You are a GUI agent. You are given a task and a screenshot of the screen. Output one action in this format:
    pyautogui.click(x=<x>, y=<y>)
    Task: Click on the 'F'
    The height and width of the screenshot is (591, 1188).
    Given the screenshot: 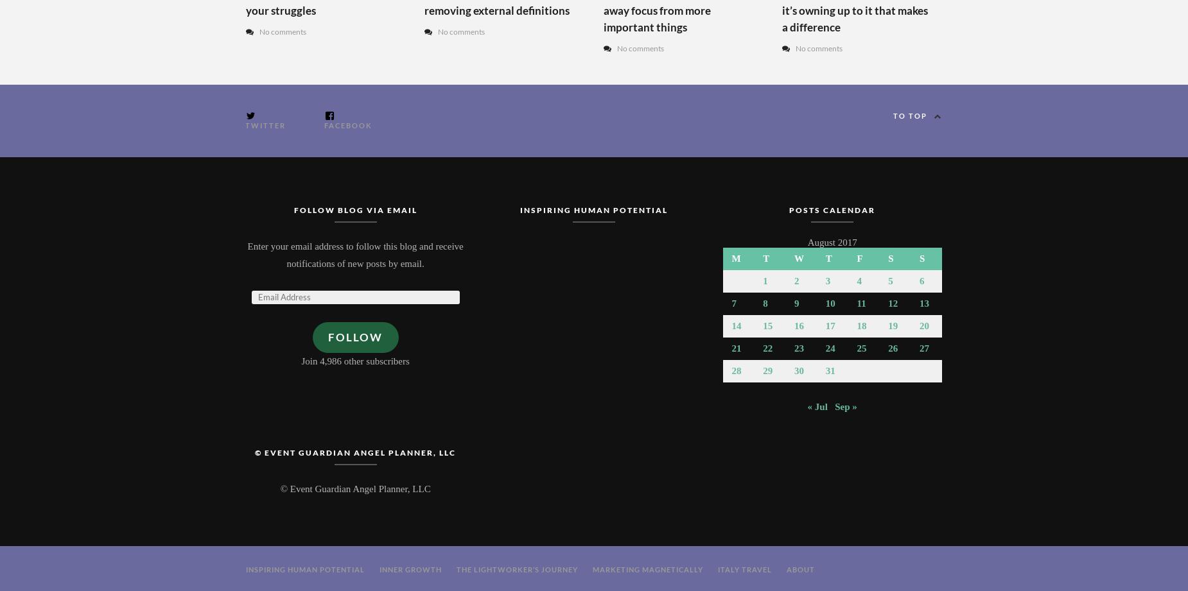 What is the action you would take?
    pyautogui.click(x=859, y=259)
    